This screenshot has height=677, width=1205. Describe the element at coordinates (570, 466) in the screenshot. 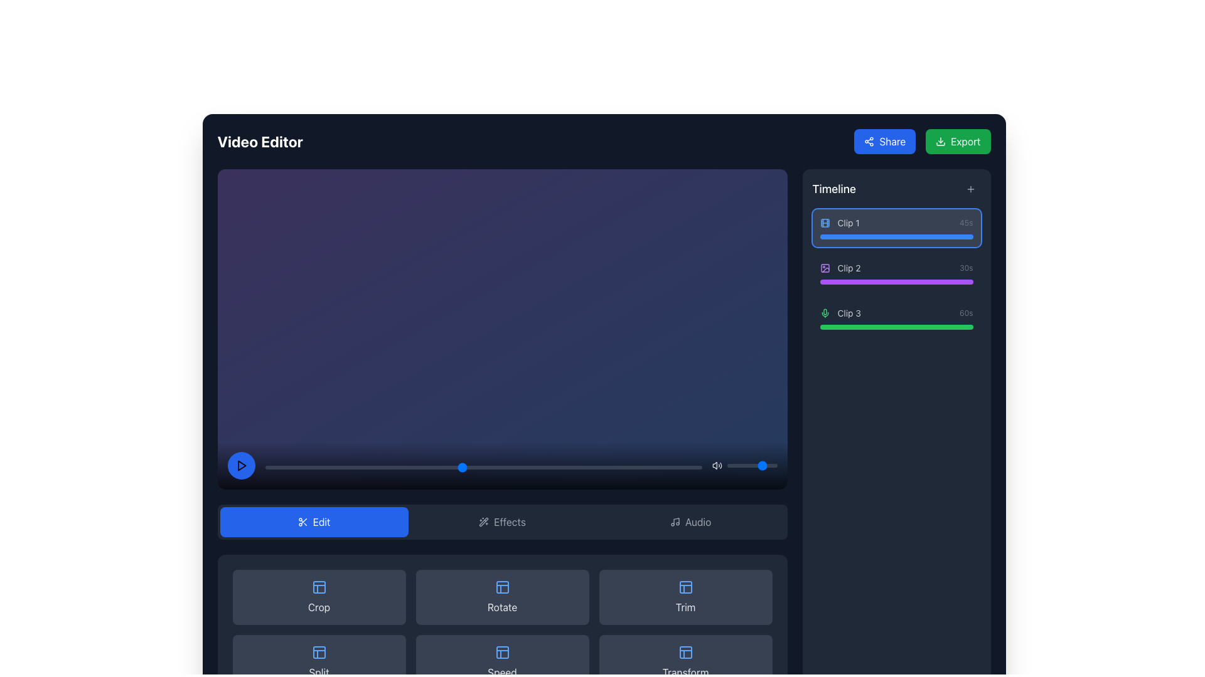

I see `slider value` at that location.